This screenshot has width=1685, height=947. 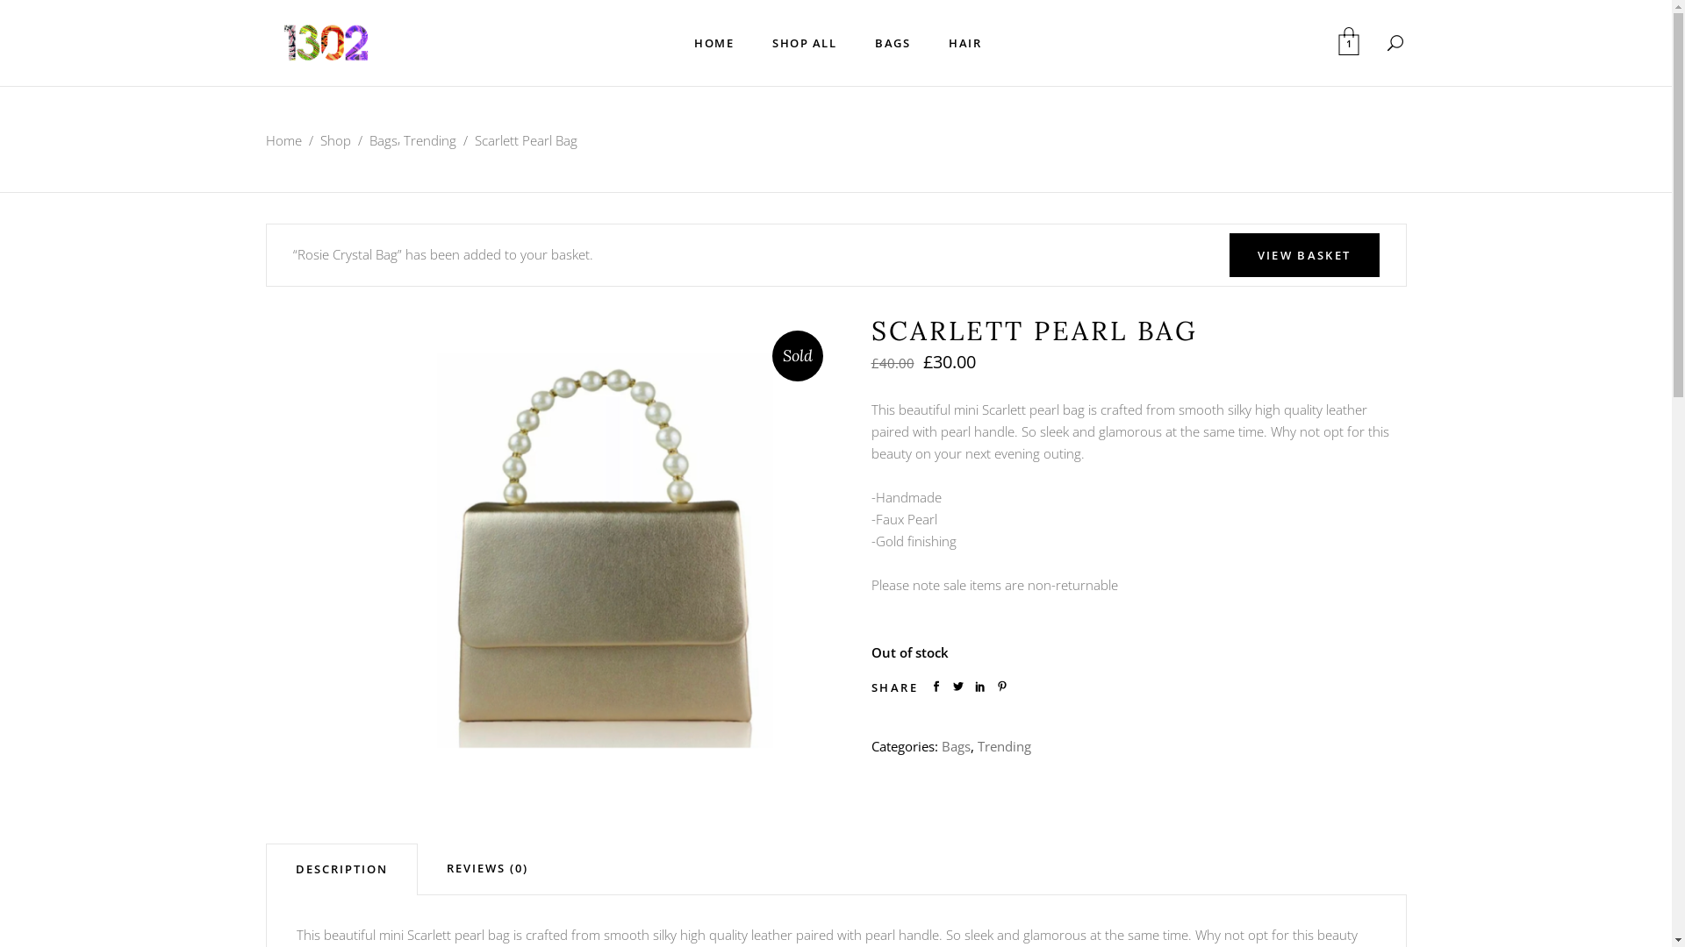 I want to click on '1302 LONDON BAG', so click(x=378, y=544).